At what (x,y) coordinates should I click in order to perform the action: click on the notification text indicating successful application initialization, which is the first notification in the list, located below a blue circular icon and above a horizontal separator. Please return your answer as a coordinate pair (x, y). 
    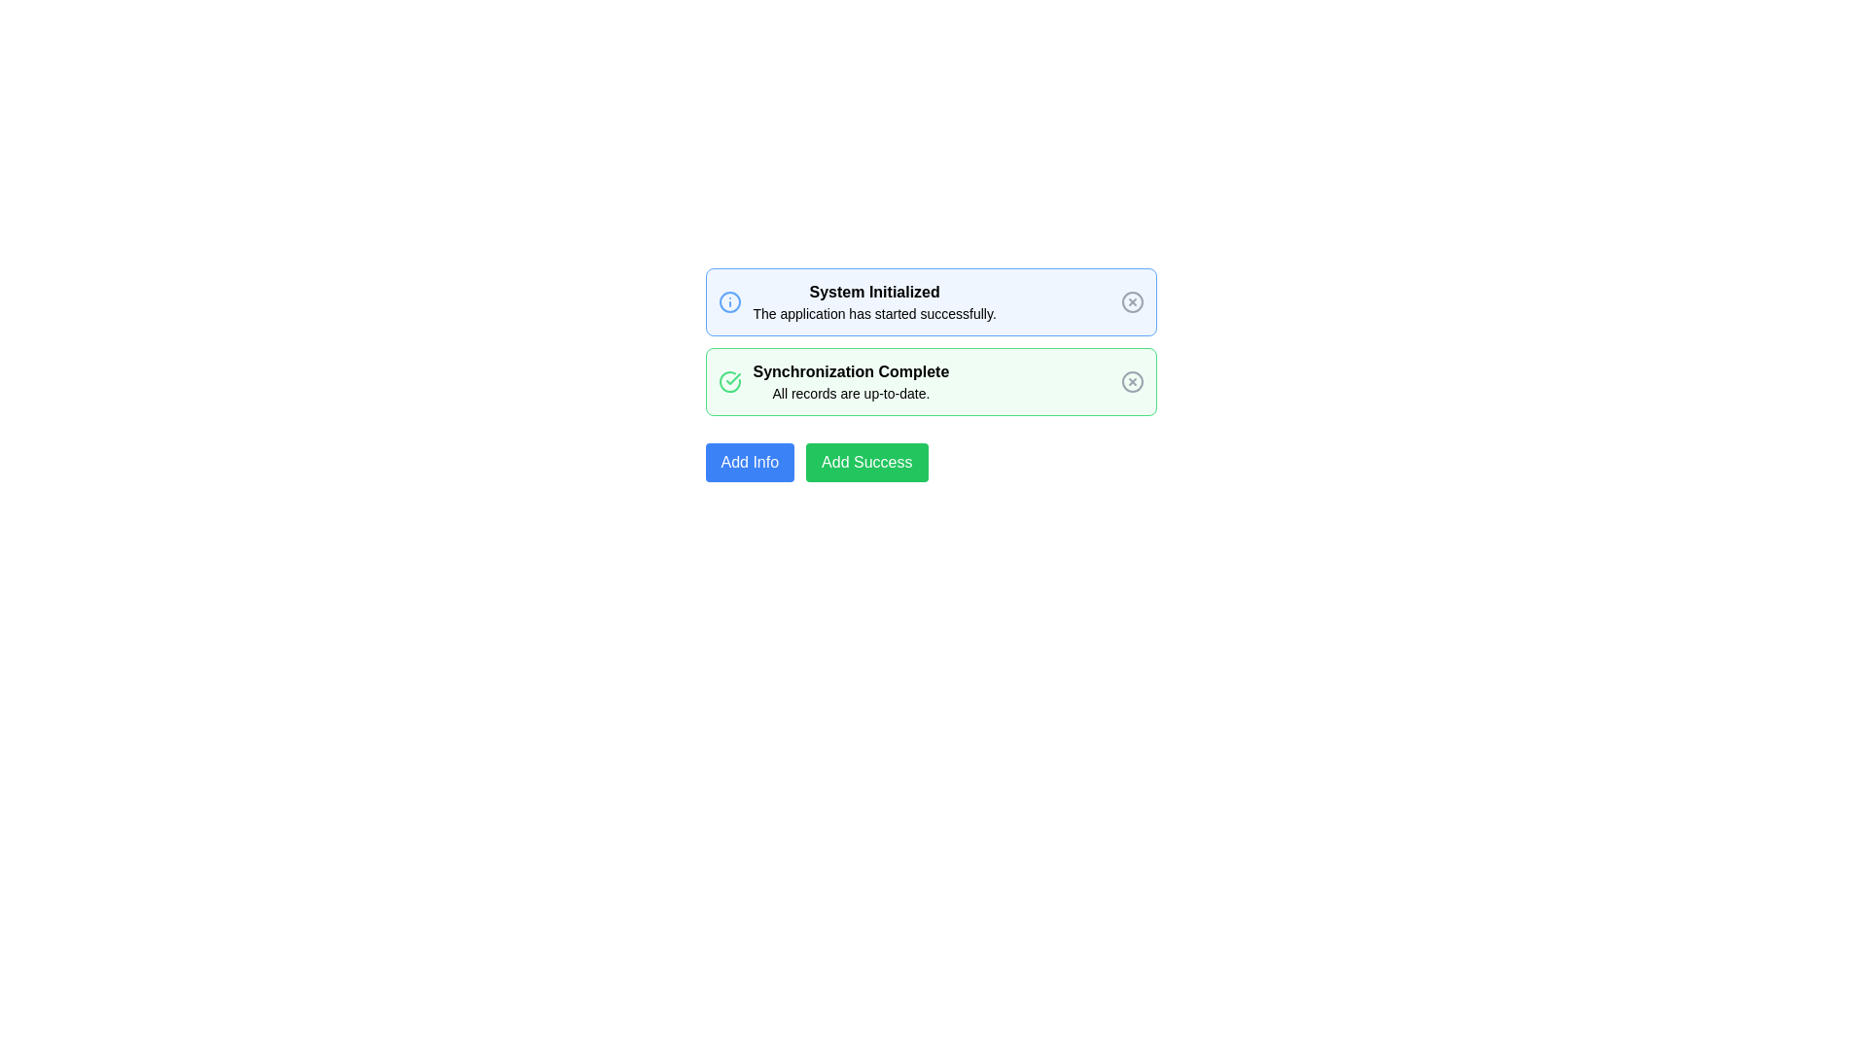
    Looking at the image, I should click on (856, 302).